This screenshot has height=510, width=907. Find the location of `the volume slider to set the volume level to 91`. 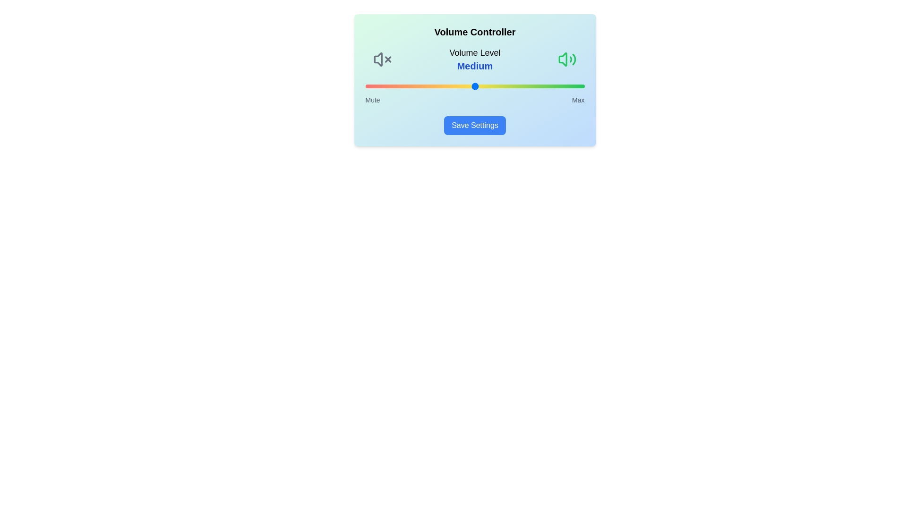

the volume slider to set the volume level to 91 is located at coordinates (565, 86).